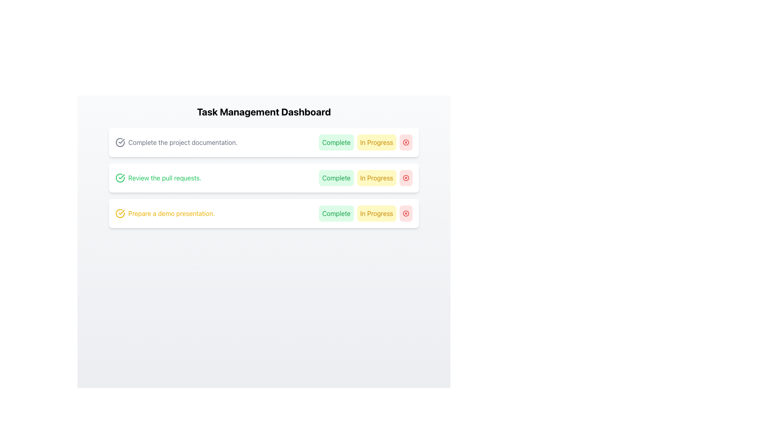 The height and width of the screenshot is (436, 775). Describe the element at coordinates (376, 142) in the screenshot. I see `the 'In Progress' status button, which is the second button in a horizontal list` at that location.